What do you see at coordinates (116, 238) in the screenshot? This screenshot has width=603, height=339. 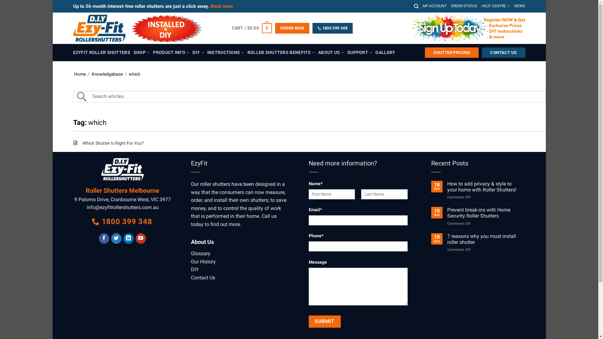 I see `'Follow on Twitter'` at bounding box center [116, 238].